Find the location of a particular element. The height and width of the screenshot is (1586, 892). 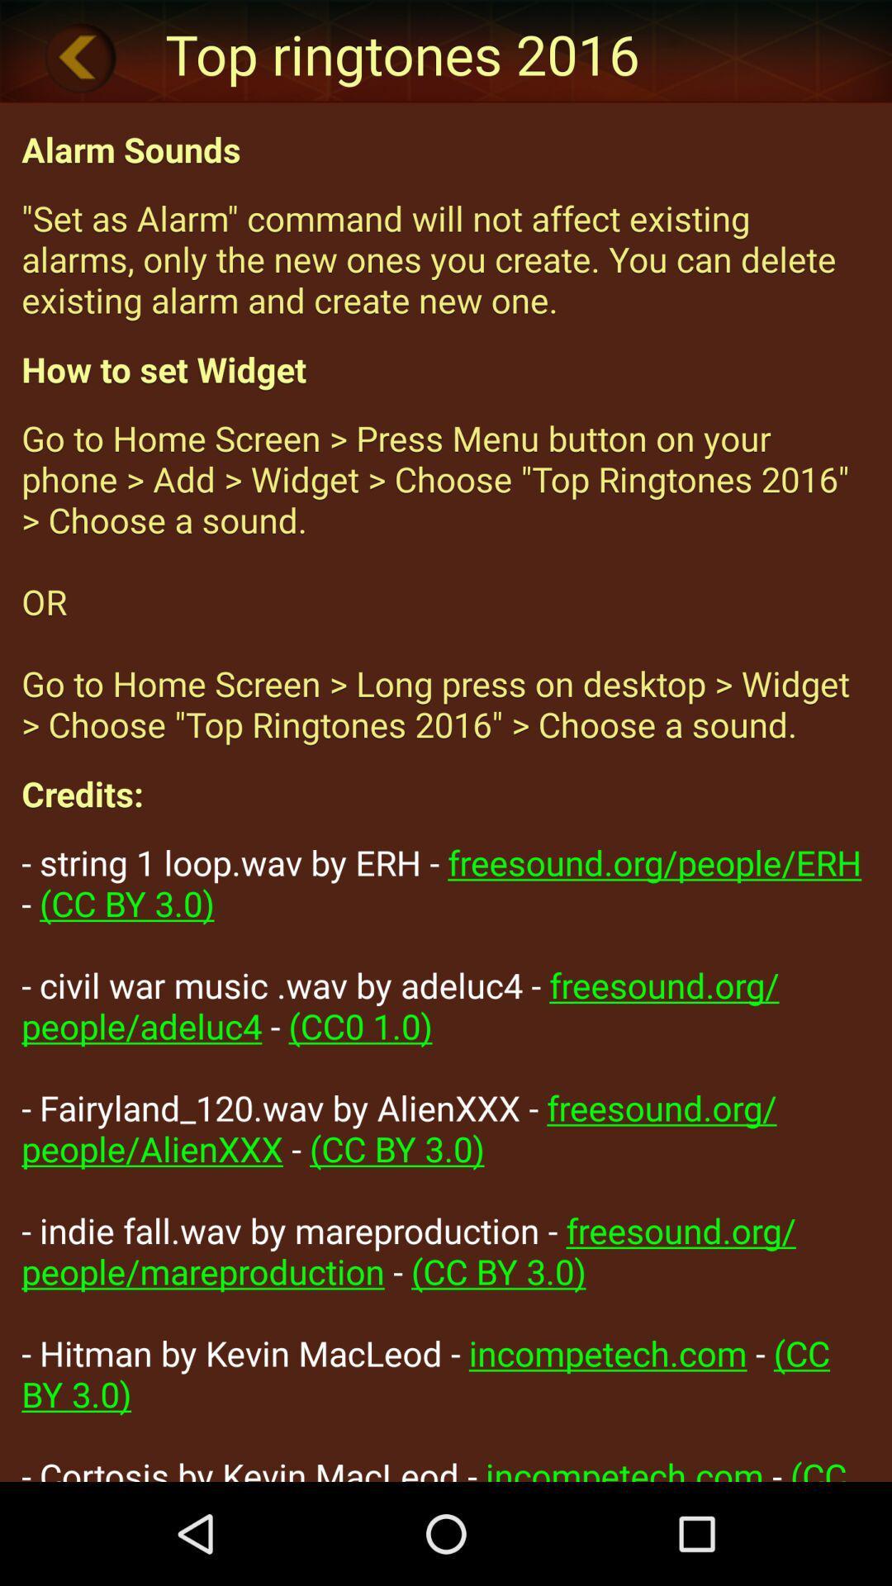

icon next to the top ringtones 2016 item is located at coordinates (80, 57).